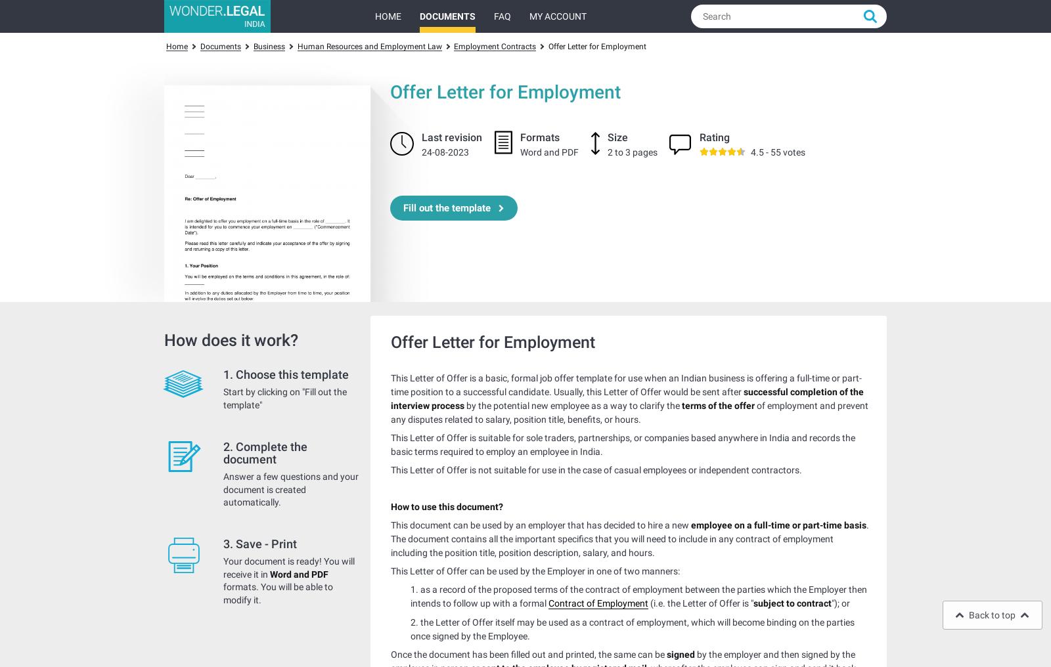 The image size is (1051, 667). What do you see at coordinates (265, 452) in the screenshot?
I see `'2. Complete the document'` at bounding box center [265, 452].